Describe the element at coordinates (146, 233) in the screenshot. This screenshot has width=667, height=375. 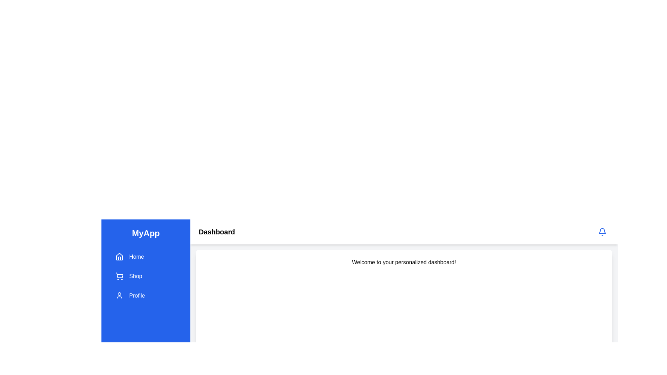
I see `the bold text label 'MyApp' at the top of the blue navigation bar, assuming it is interactive` at that location.